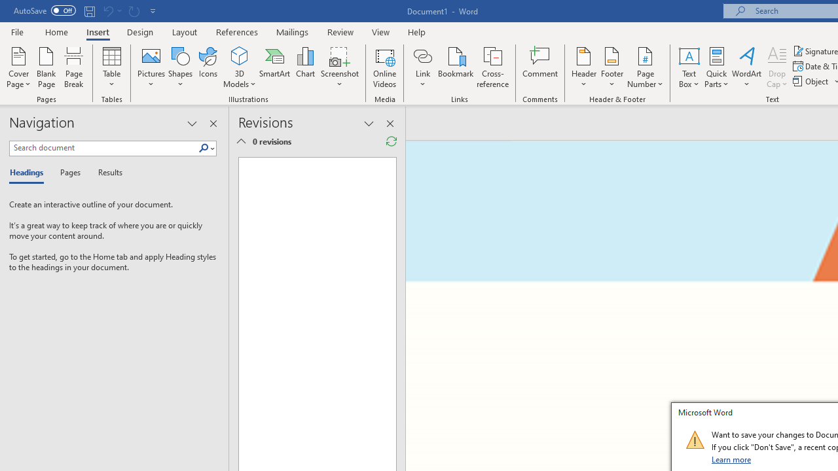 This screenshot has width=838, height=471. What do you see at coordinates (68, 173) in the screenshot?
I see `'Pages'` at bounding box center [68, 173].